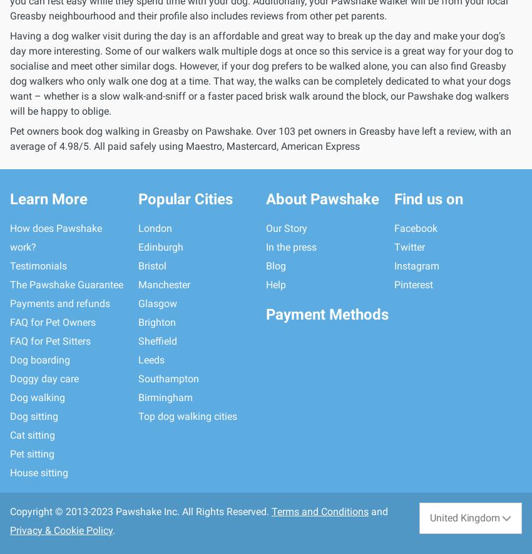  What do you see at coordinates (409, 247) in the screenshot?
I see `'Twitter'` at bounding box center [409, 247].